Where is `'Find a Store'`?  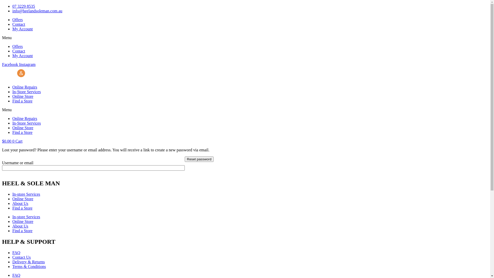
'Find a Store' is located at coordinates (12, 208).